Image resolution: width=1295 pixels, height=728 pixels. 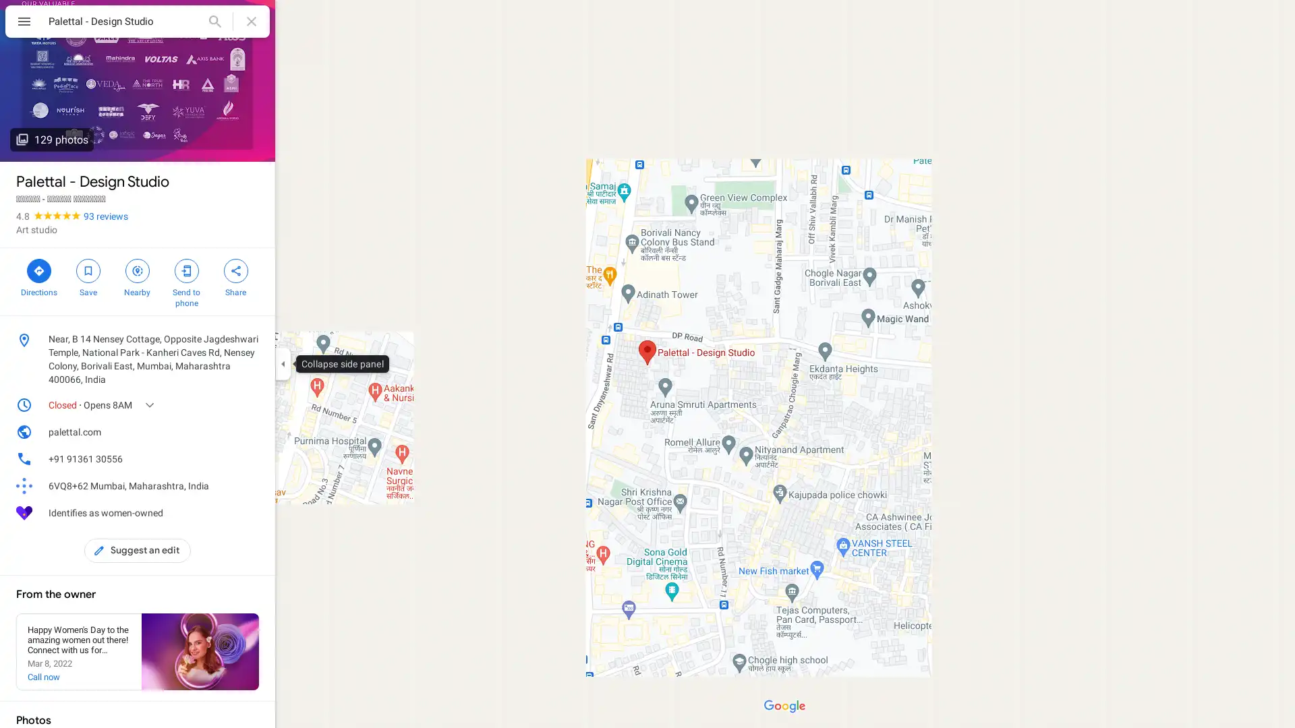 What do you see at coordinates (252, 340) in the screenshot?
I see `Copy address` at bounding box center [252, 340].